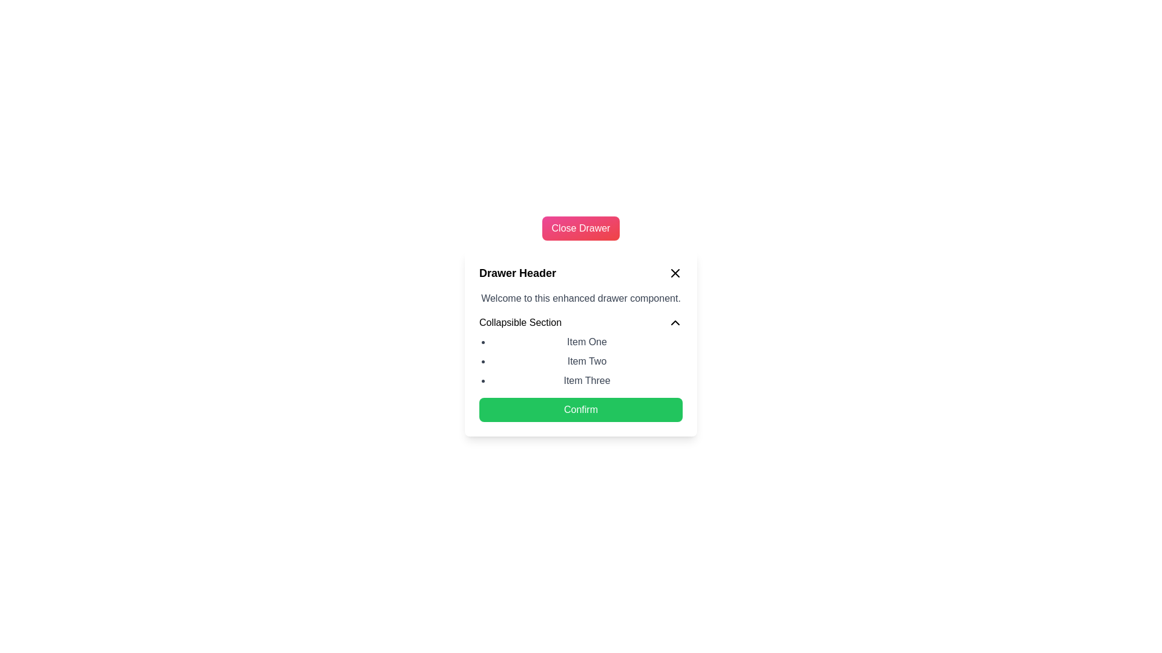 This screenshot has width=1162, height=653. I want to click on the first bullet-point item in the 'Collapsible Section' of the modal, which is informational and non-interactive, so click(586, 342).